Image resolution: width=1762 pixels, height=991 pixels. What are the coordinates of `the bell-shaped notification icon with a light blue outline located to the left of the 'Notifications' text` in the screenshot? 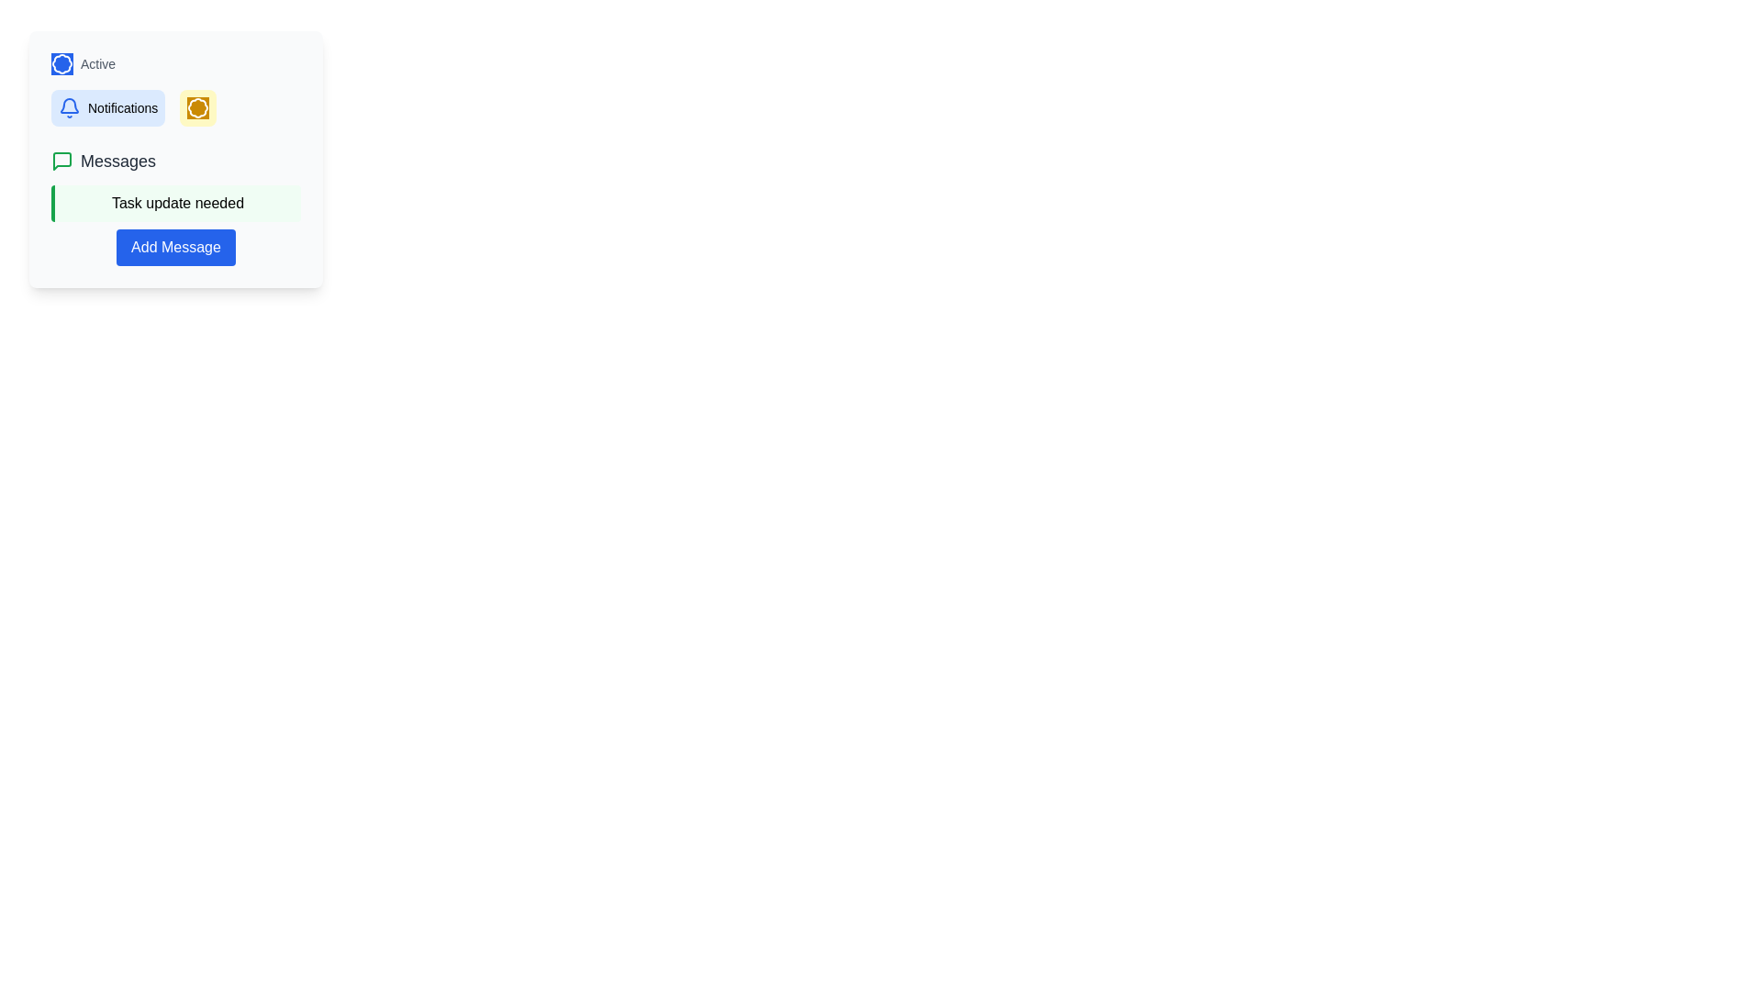 It's located at (70, 108).